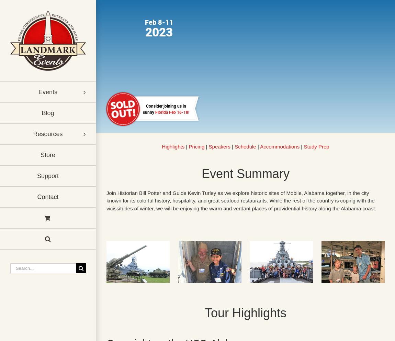 This screenshot has width=395, height=341. What do you see at coordinates (47, 134) in the screenshot?
I see `'Resources'` at bounding box center [47, 134].